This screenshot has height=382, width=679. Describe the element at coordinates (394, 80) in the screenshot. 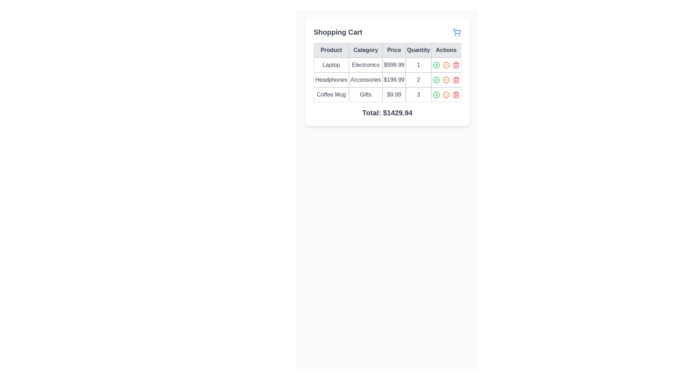

I see `the Text display box showing the price '$199.99' in the 'Shopping Cart' table under the 'Headphones' product row` at that location.